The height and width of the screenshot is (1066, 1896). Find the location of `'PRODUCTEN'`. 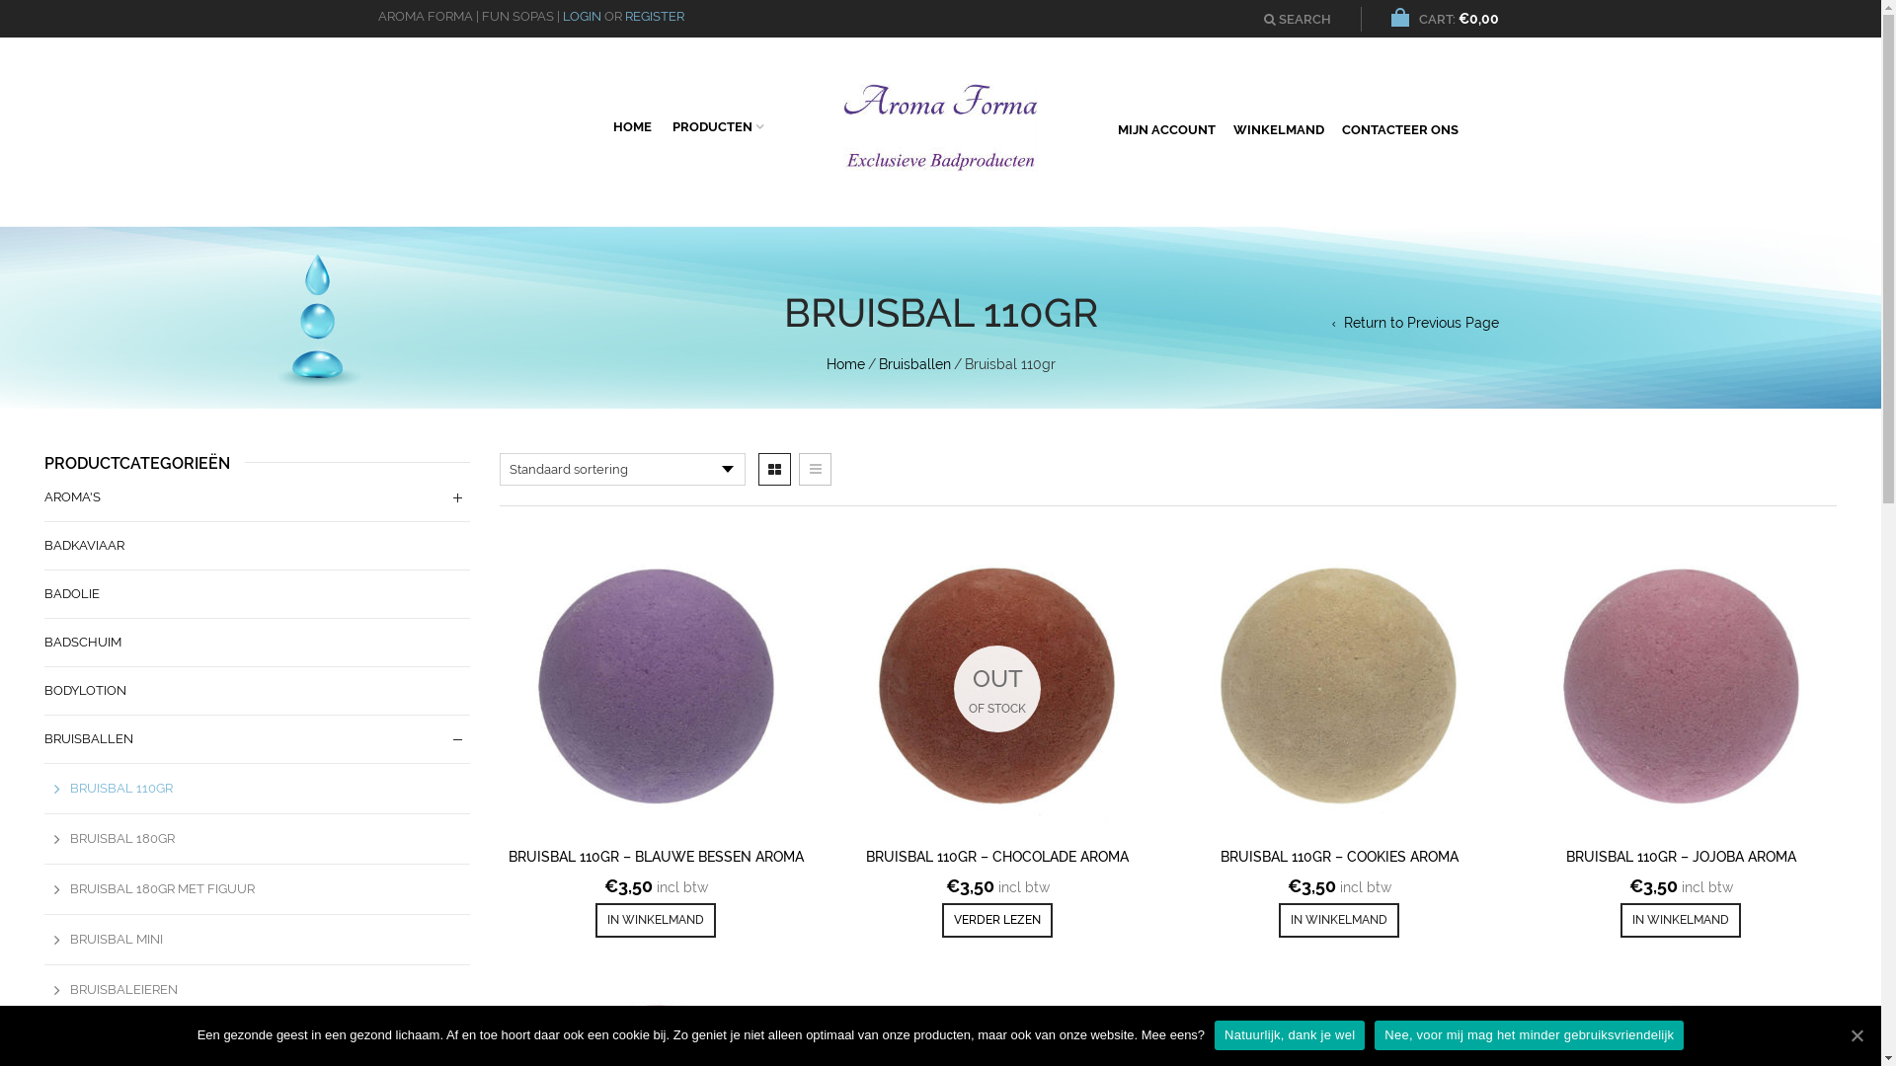

'PRODUCTEN' is located at coordinates (664, 124).